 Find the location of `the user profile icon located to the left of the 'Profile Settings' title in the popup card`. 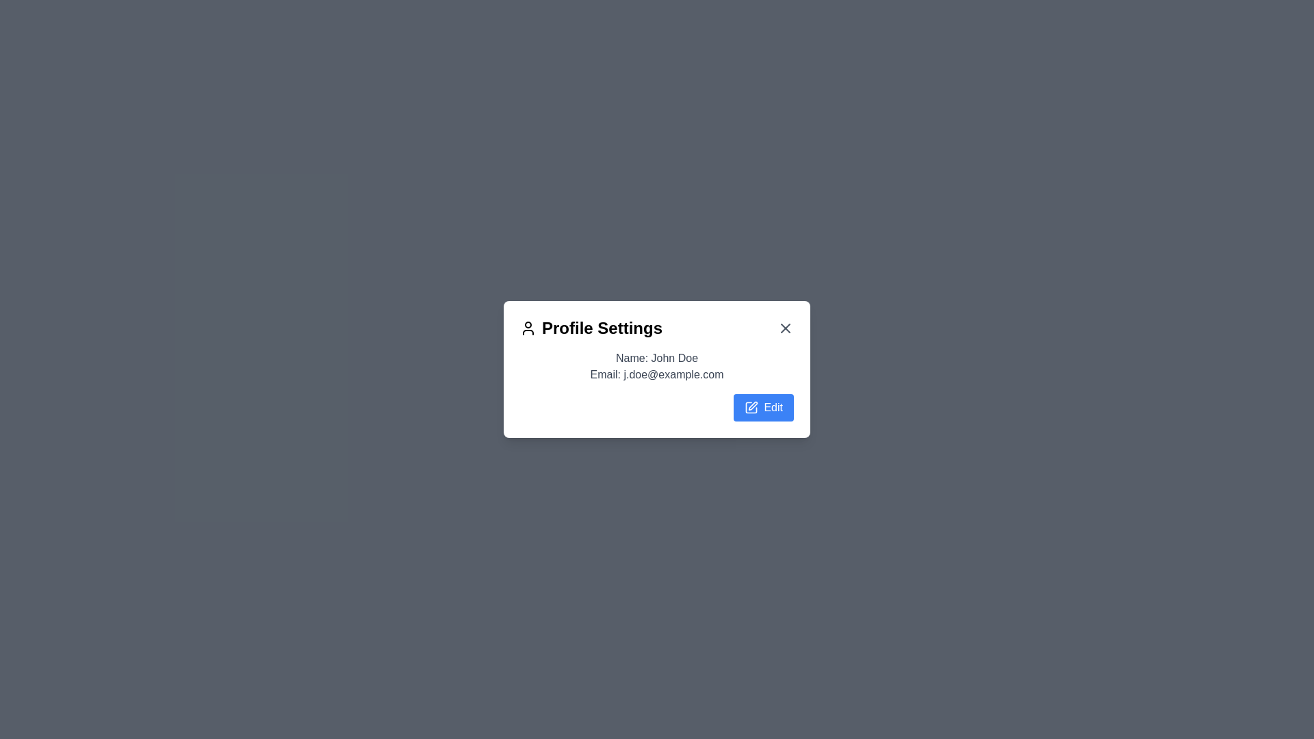

the user profile icon located to the left of the 'Profile Settings' title in the popup card is located at coordinates (528, 328).